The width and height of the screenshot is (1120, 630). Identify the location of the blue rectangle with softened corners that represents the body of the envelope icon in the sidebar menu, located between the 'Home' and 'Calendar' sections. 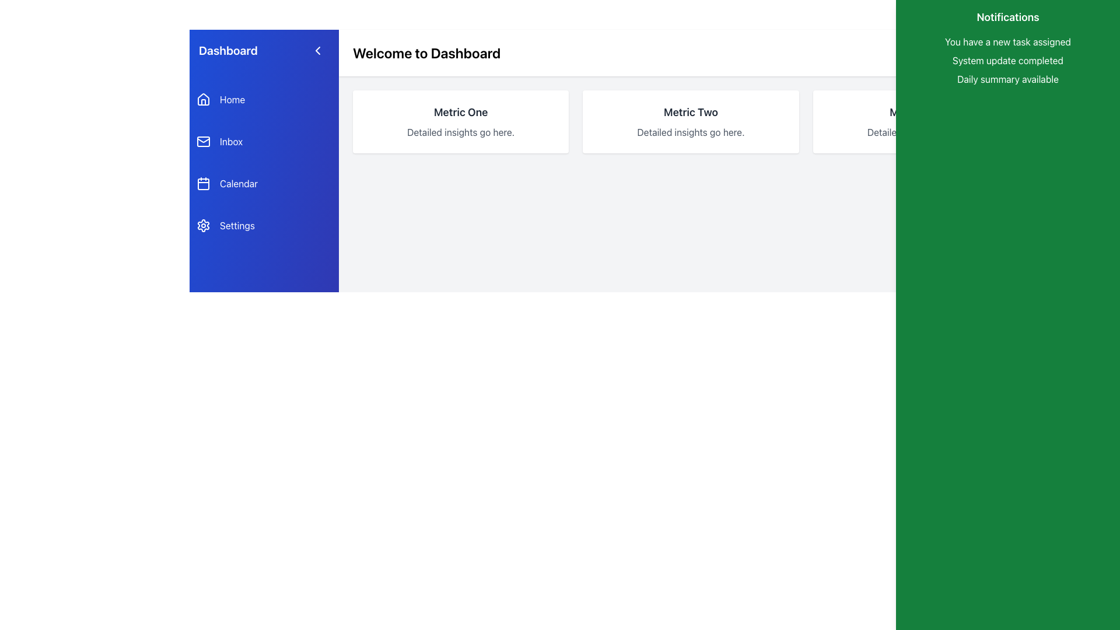
(204, 141).